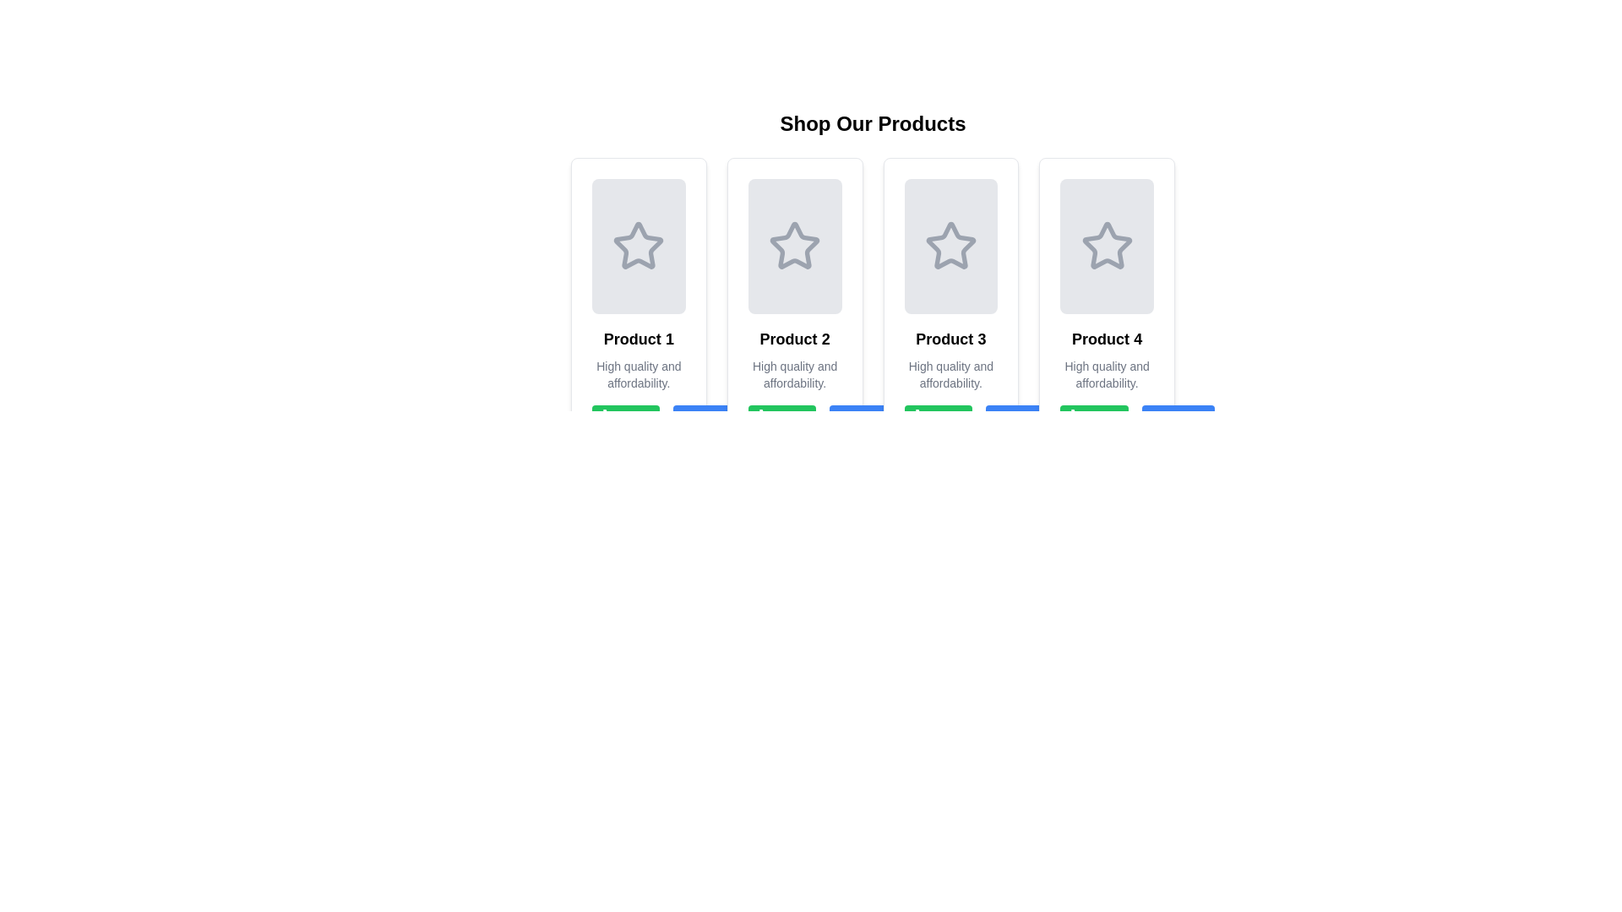 Image resolution: width=1622 pixels, height=912 pixels. Describe the element at coordinates (950, 247) in the screenshot. I see `the light gray rectangle with rounded corners that displays a large gray star icon, located in the center of the card labeled 'Product 3', above the text 'High quality and affordability.'` at that location.